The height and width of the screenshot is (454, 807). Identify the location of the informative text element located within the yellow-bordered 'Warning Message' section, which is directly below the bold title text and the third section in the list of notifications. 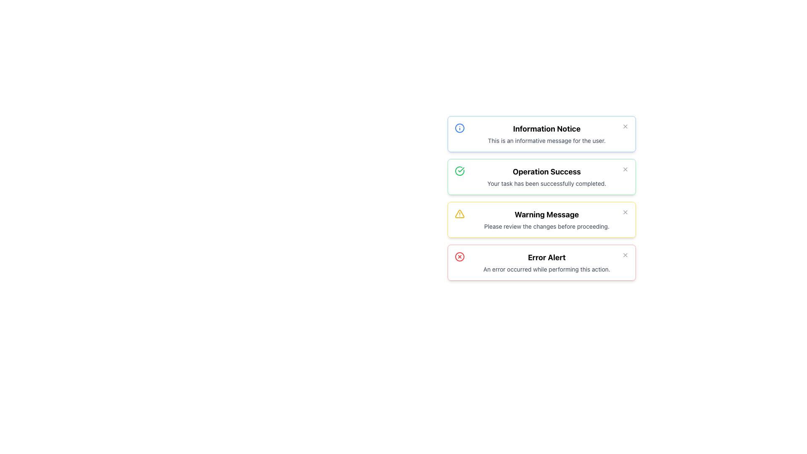
(546, 226).